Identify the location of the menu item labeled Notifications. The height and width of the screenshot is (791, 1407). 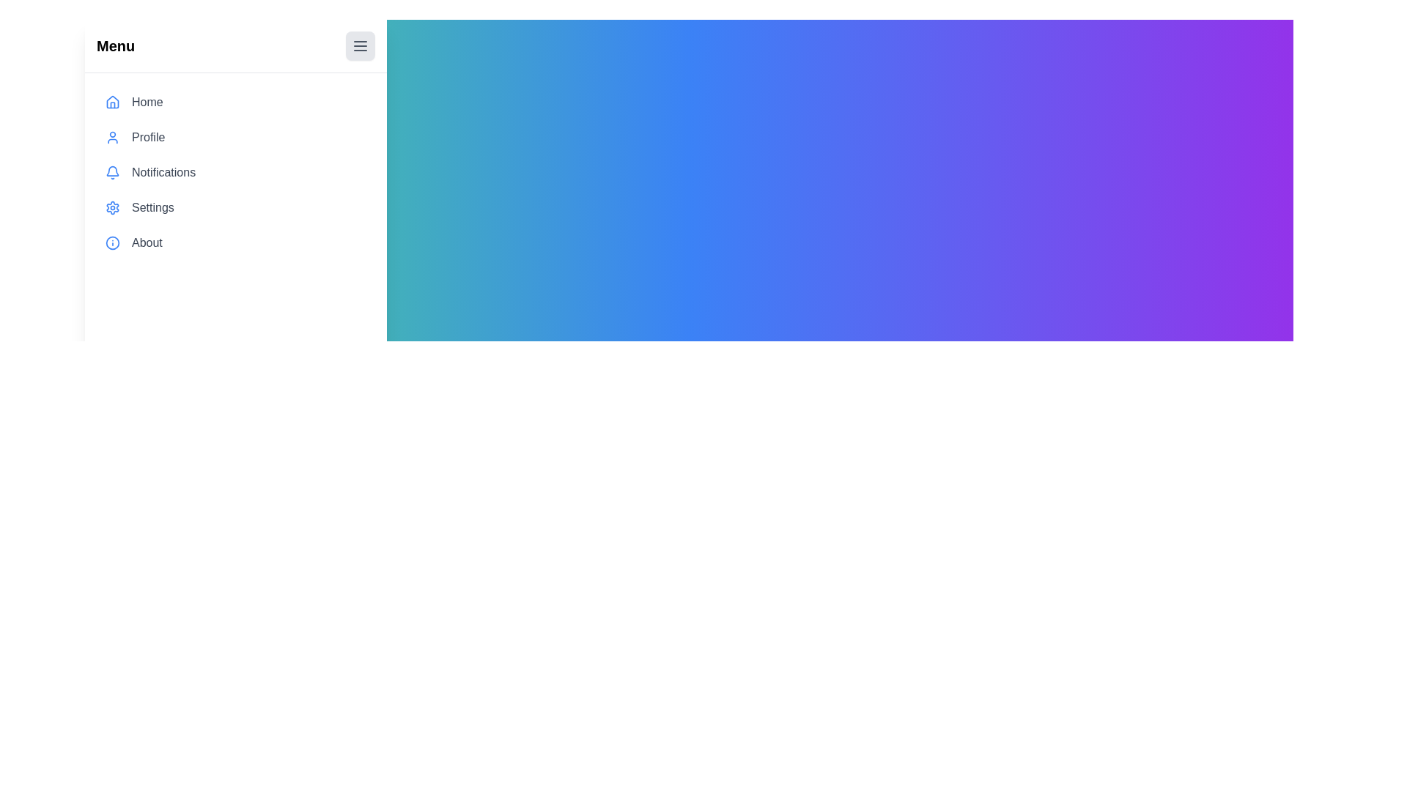
(236, 171).